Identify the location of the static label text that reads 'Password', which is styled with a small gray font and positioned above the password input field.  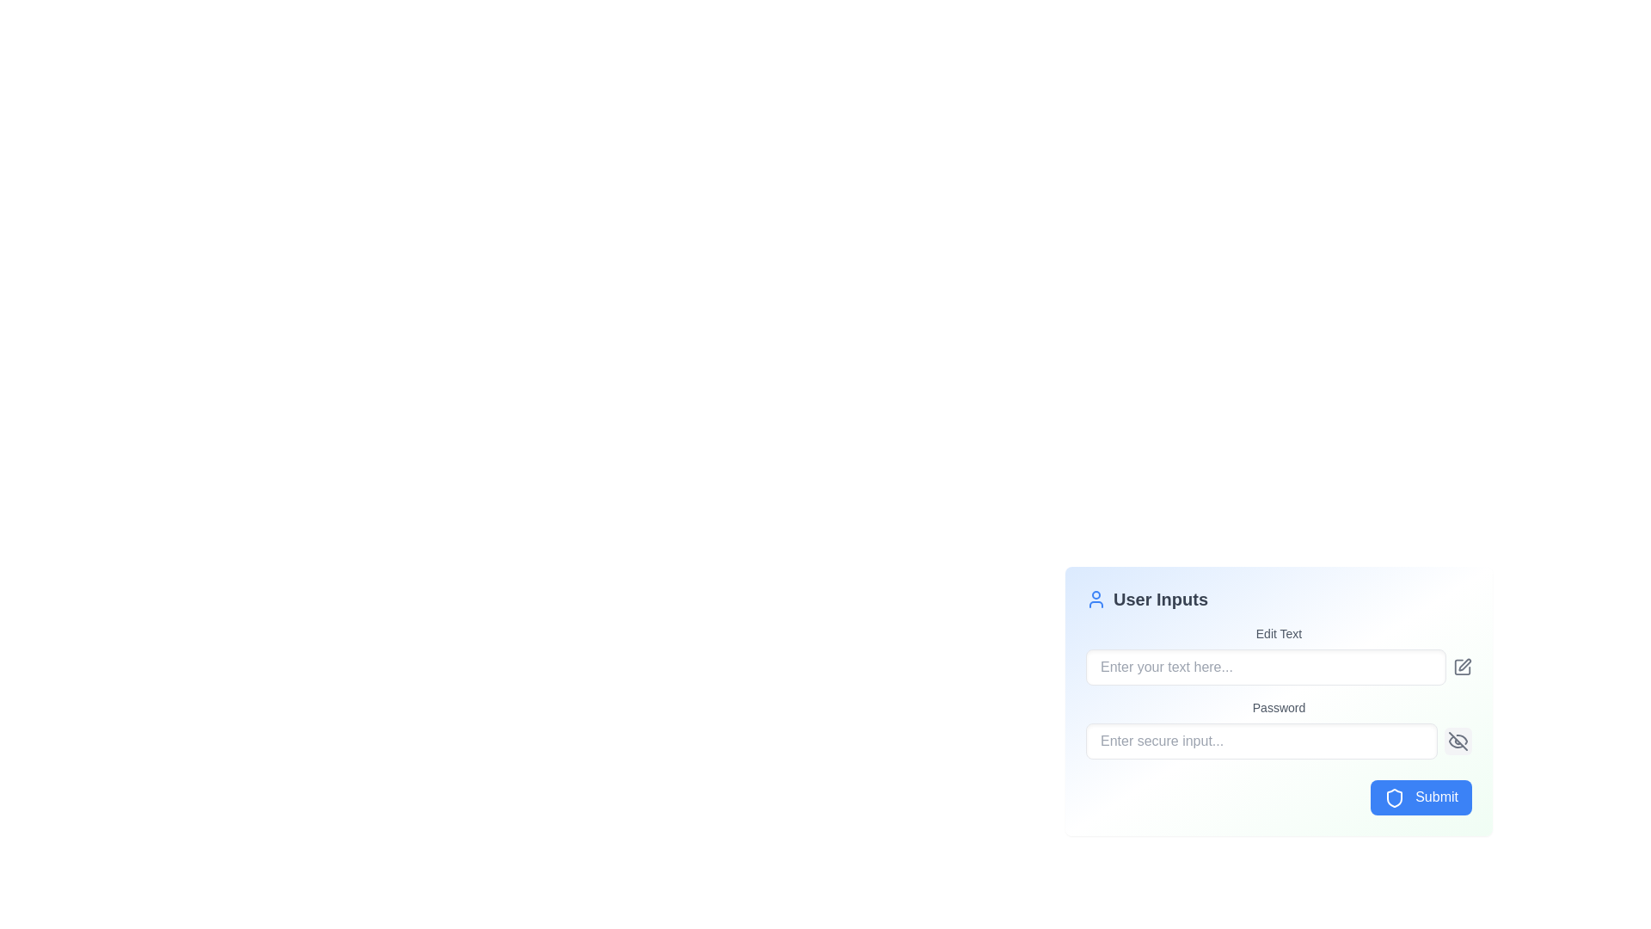
(1279, 707).